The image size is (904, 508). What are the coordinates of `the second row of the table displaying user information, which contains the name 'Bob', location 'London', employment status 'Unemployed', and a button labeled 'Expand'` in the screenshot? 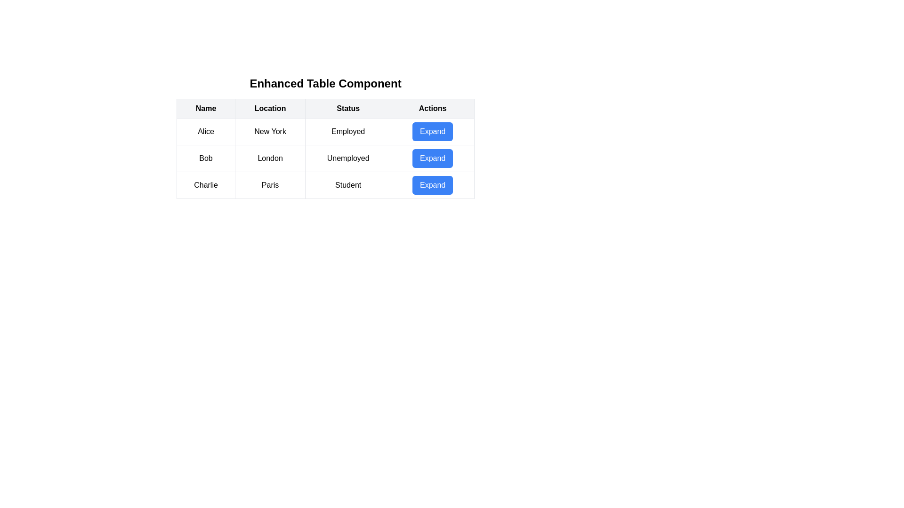 It's located at (325, 158).